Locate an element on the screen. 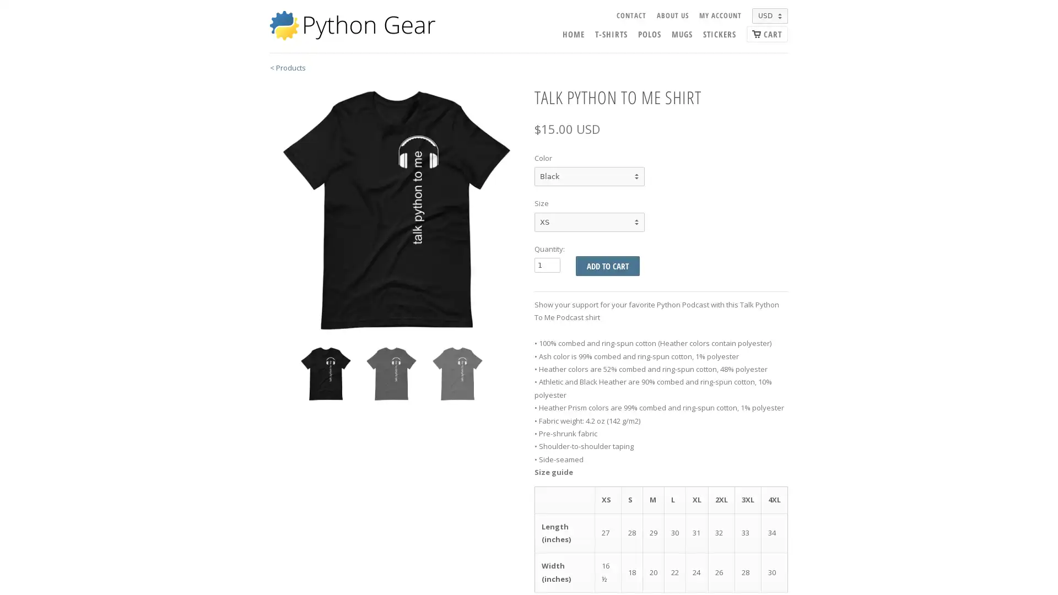 The width and height of the screenshot is (1058, 595). Add to Cart is located at coordinates (607, 266).